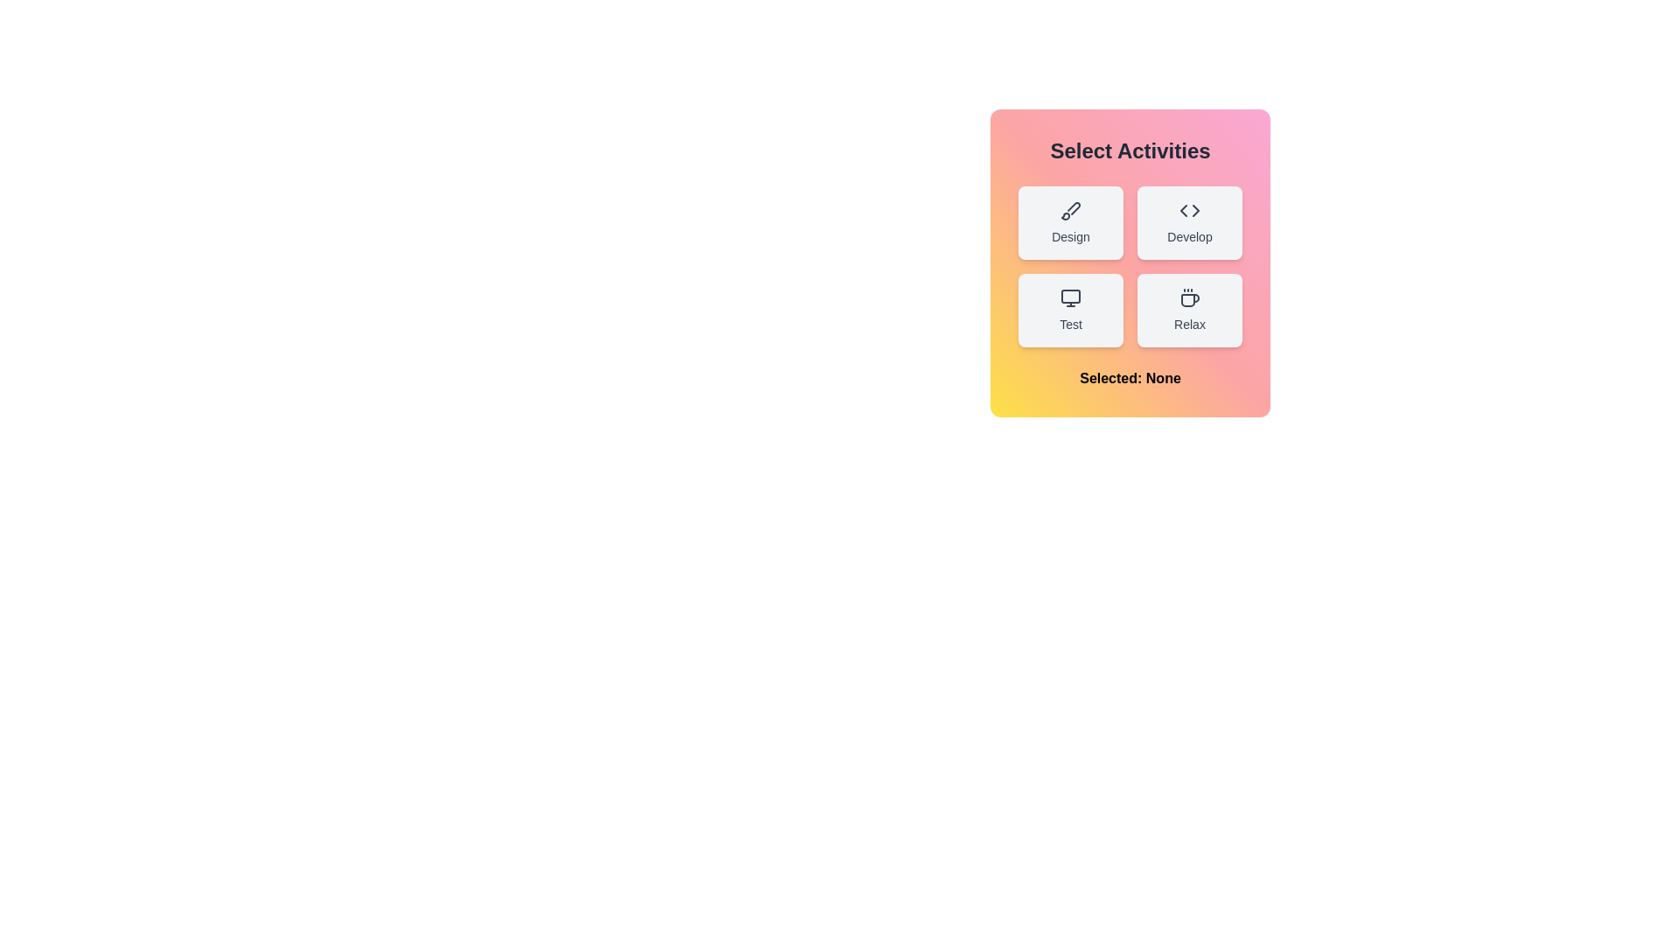 Image resolution: width=1680 pixels, height=945 pixels. What do you see at coordinates (1189, 221) in the screenshot?
I see `the button corresponding to the activity Develop` at bounding box center [1189, 221].